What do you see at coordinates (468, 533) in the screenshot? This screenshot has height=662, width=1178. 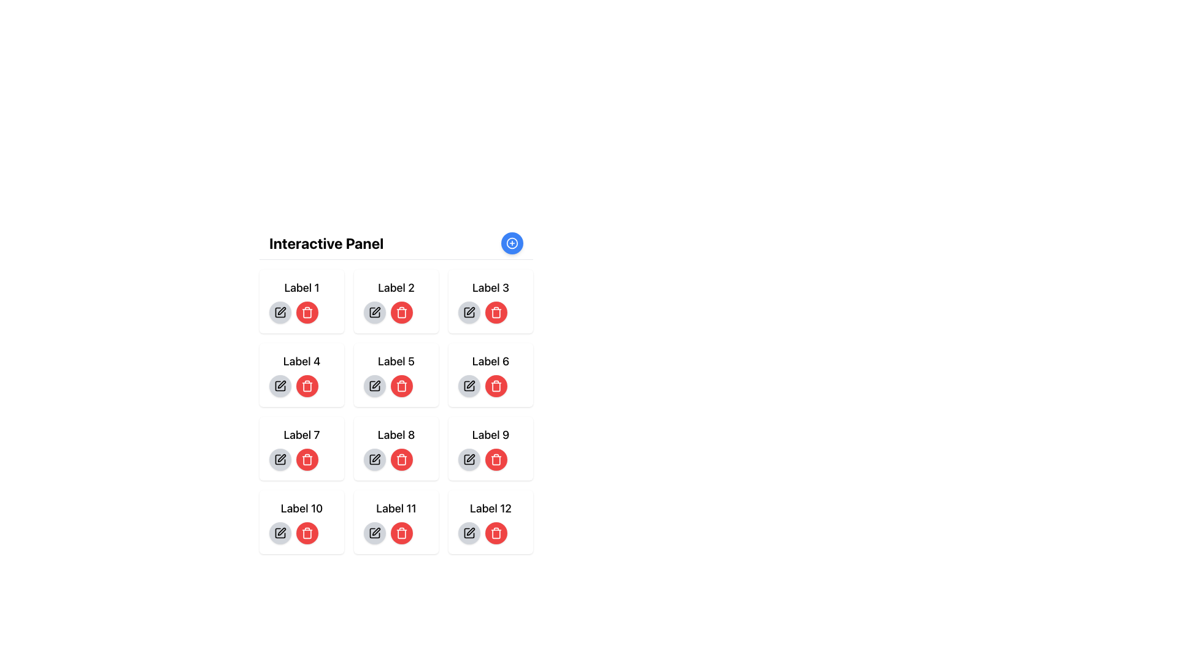 I see `the circular button with a gray background and a pen icon at its center, located below 'Label 12' in the bottom right corner of the grid layout` at bounding box center [468, 533].